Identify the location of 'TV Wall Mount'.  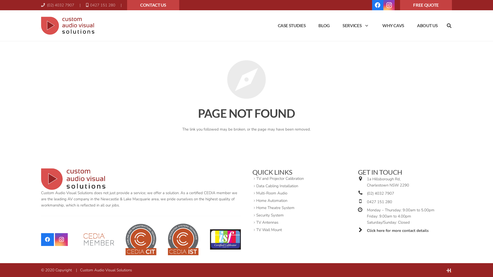
(269, 230).